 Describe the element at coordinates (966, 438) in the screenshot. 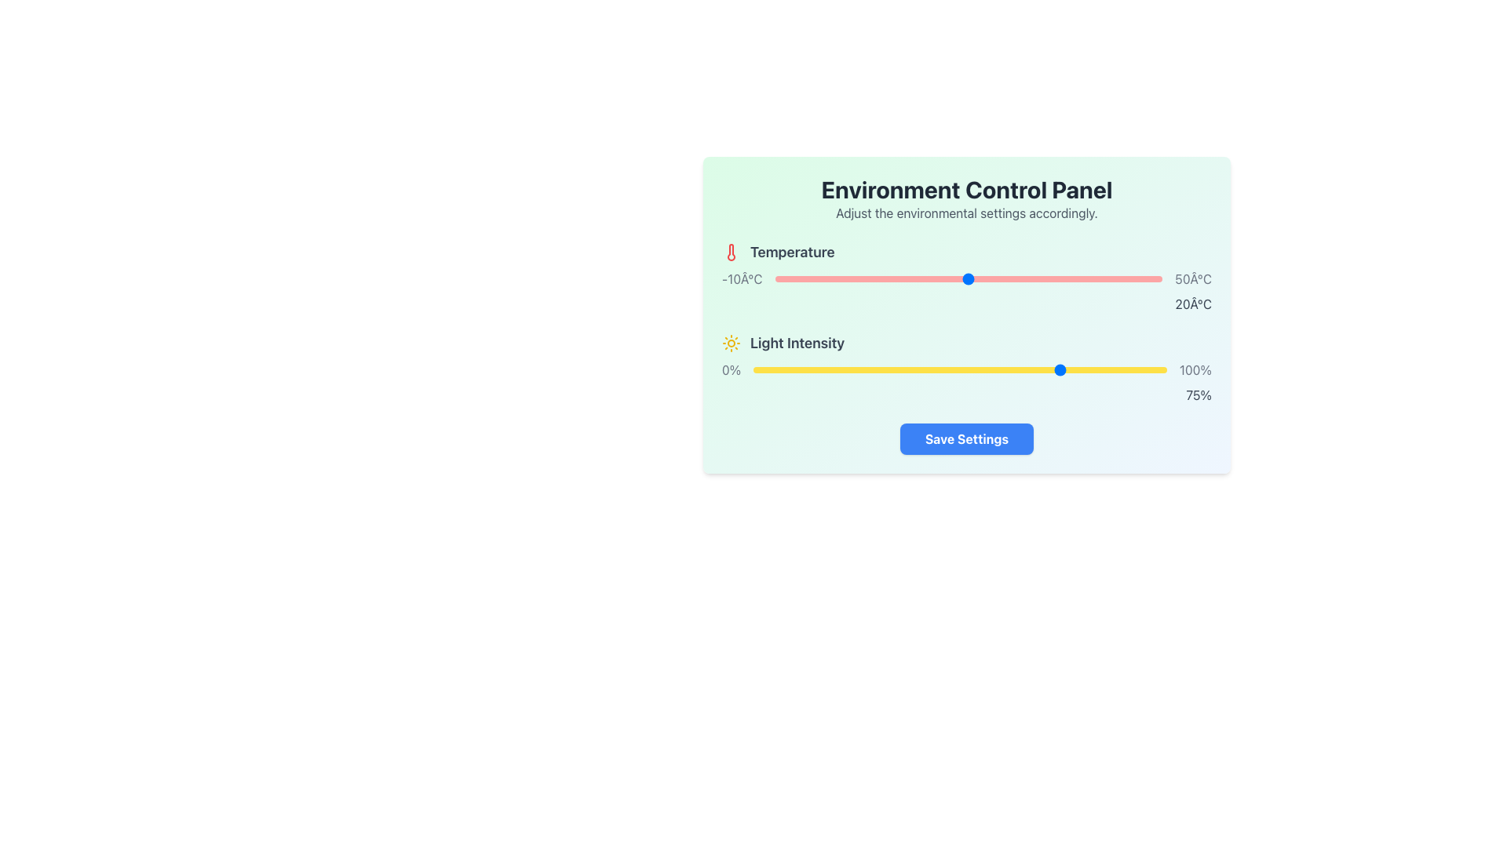

I see `the save button located at the bottom of the 'Environment Control Panel', below the 'Temperature' and 'Light Intensity' sliders` at that location.